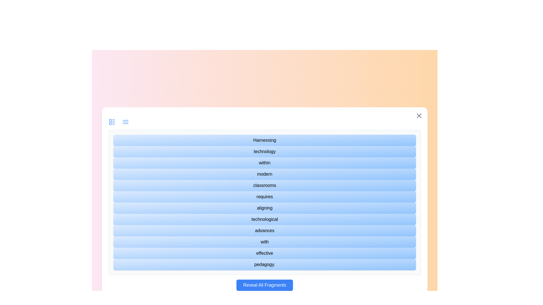 This screenshot has width=543, height=305. Describe the element at coordinates (264, 197) in the screenshot. I see `the text fragment labeled 'requires'` at that location.